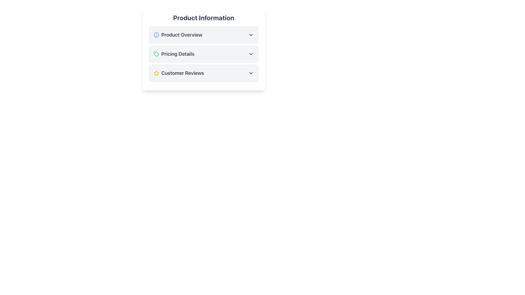  What do you see at coordinates (250, 35) in the screenshot?
I see `the downward pointing chevron icon located at the far right of the 'Product Overview' bar` at bounding box center [250, 35].